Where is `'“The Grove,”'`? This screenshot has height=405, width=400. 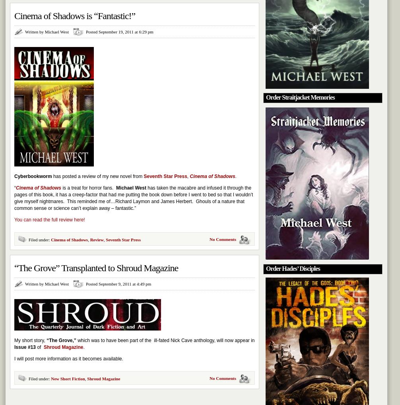 '“The Grove,”' is located at coordinates (46, 340).